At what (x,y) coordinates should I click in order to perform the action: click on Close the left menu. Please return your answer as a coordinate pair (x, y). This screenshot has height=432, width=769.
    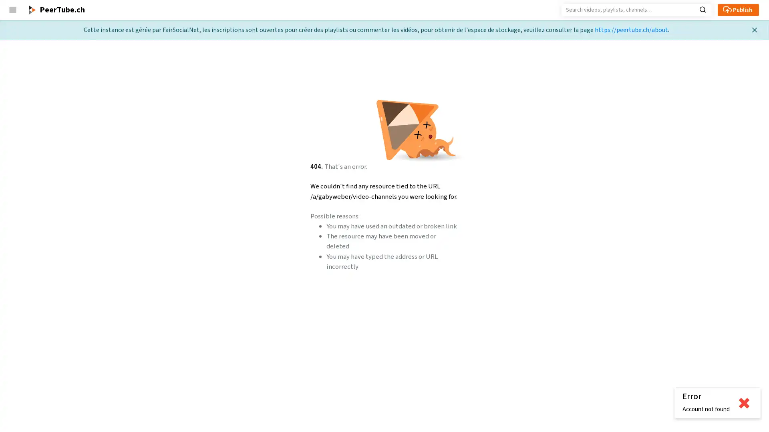
    Looking at the image, I should click on (13, 10).